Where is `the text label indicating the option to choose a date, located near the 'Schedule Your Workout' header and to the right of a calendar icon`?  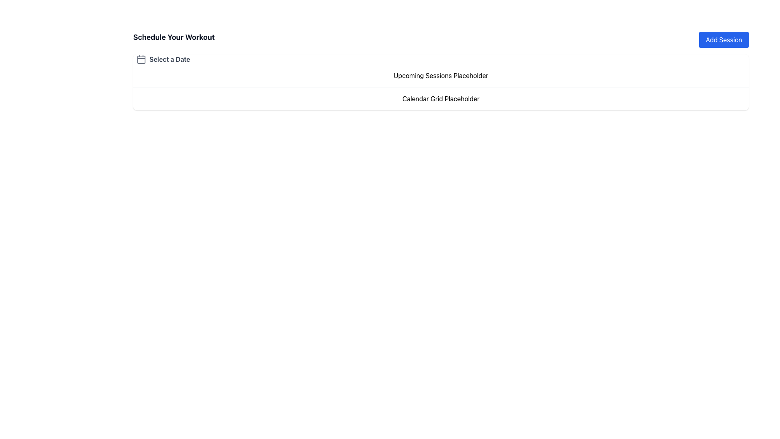 the text label indicating the option to choose a date, located near the 'Schedule Your Workout' header and to the right of a calendar icon is located at coordinates (169, 59).